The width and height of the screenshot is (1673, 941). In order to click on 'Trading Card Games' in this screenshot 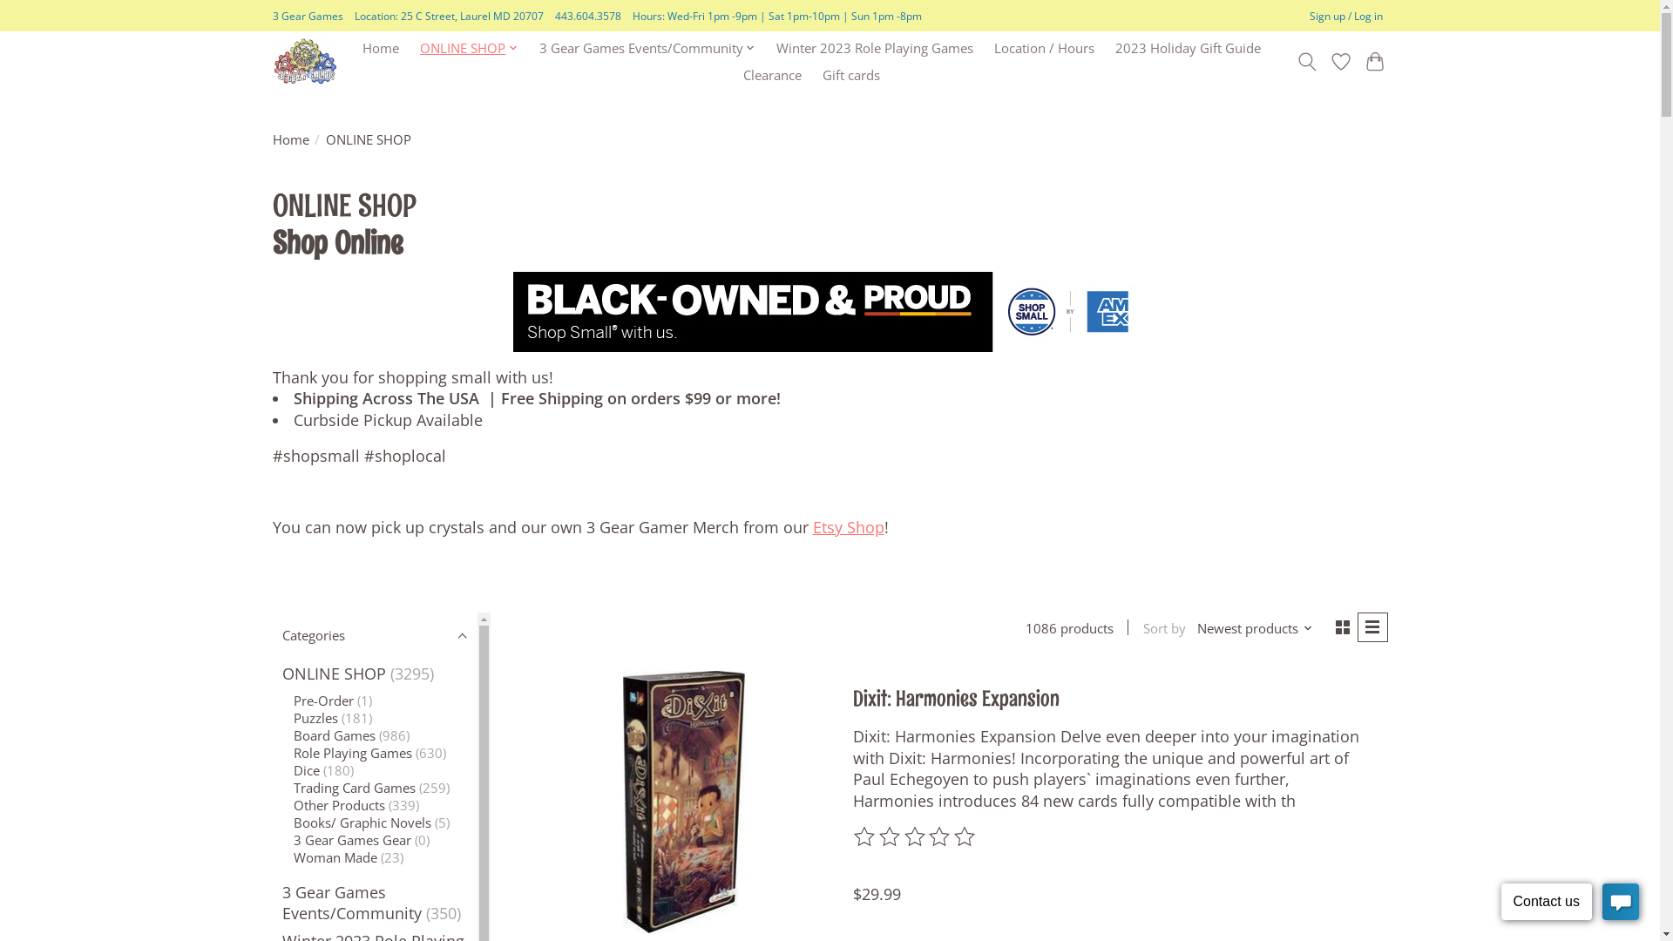, I will do `click(293, 787)`.